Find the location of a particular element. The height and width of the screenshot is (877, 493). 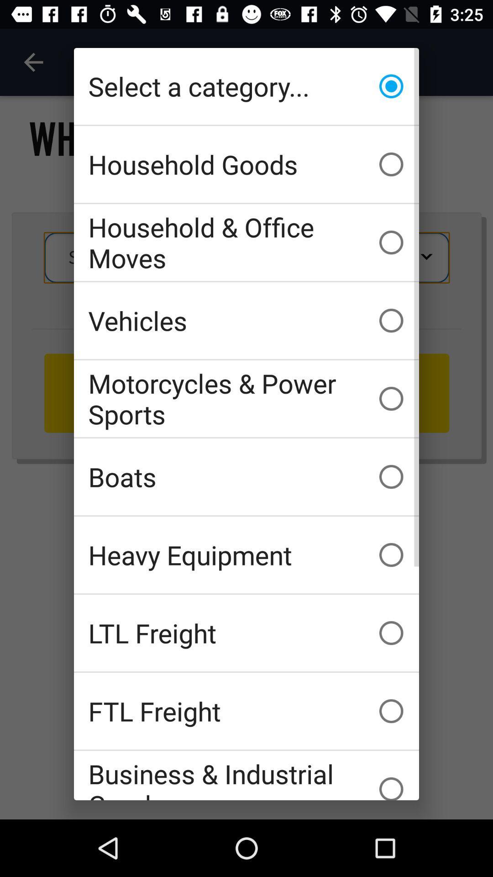

the business & industrial goods is located at coordinates (246, 775).